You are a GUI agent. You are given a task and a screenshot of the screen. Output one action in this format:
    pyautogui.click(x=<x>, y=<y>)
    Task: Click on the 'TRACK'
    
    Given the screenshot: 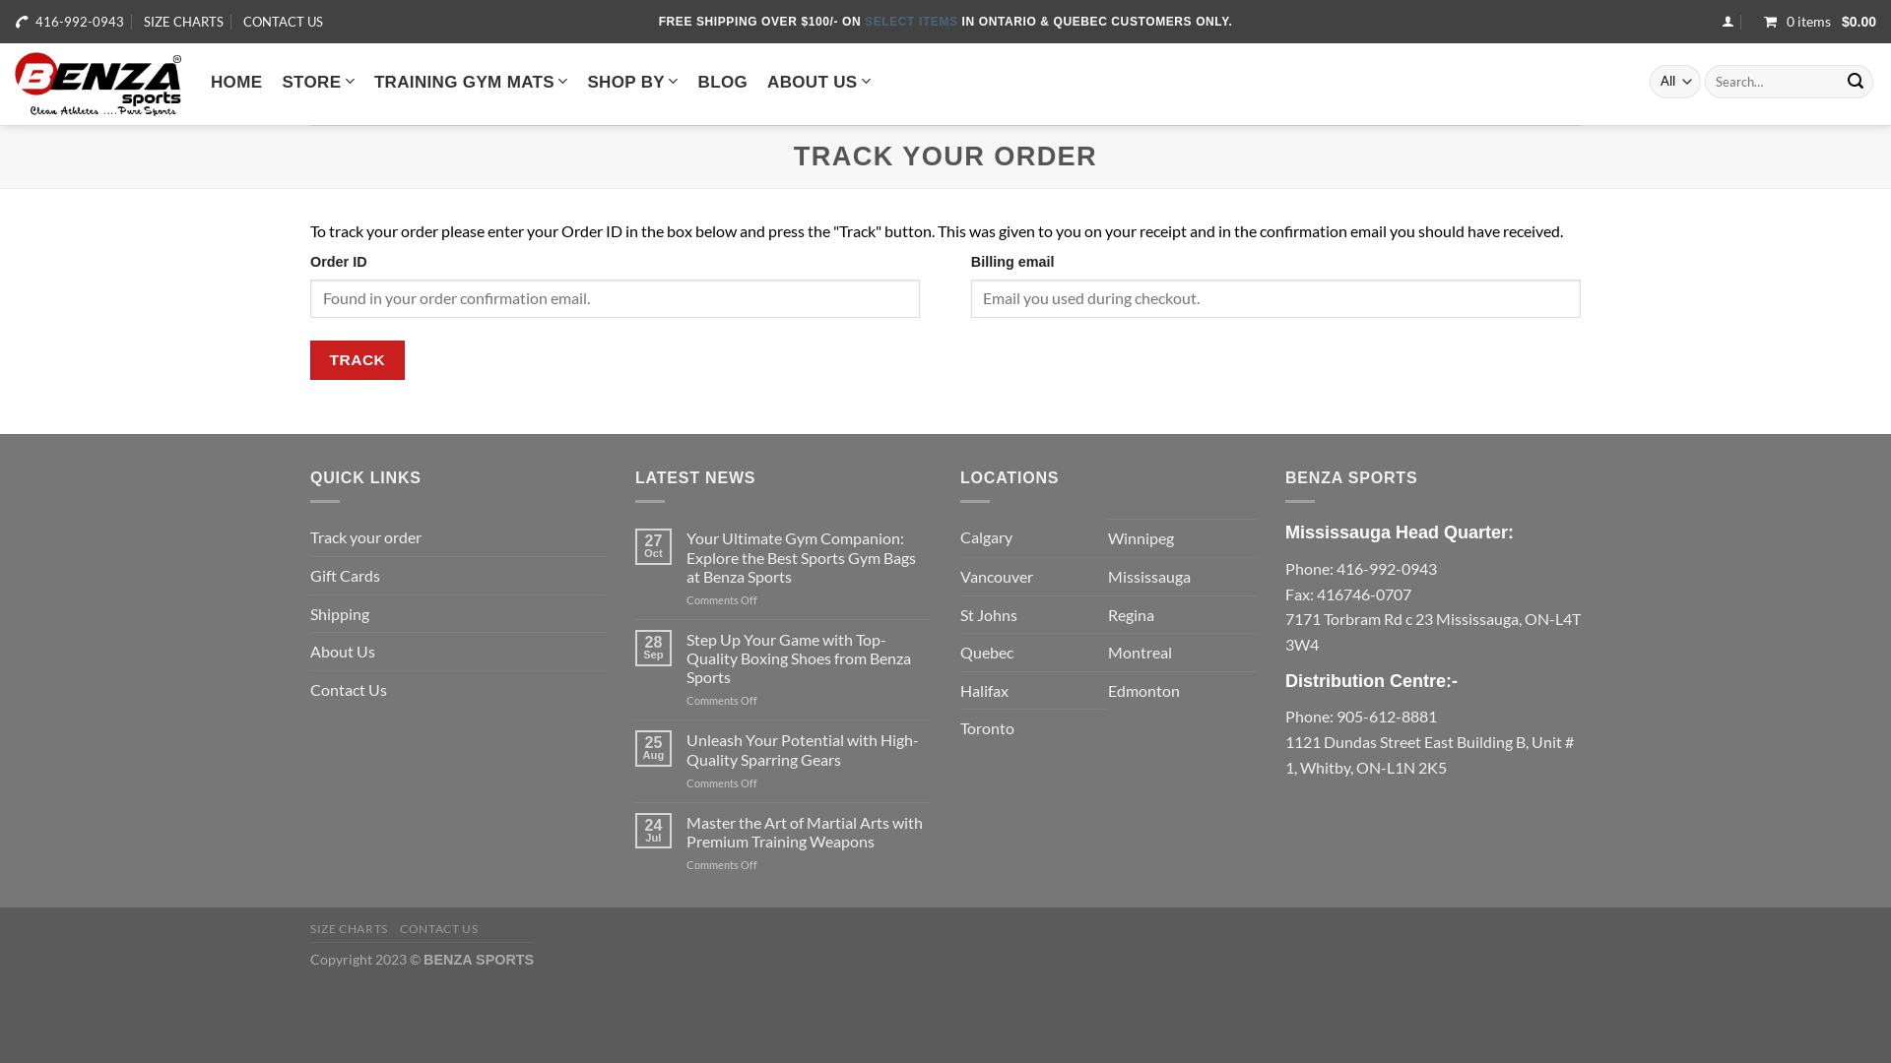 What is the action you would take?
    pyautogui.click(x=358, y=359)
    